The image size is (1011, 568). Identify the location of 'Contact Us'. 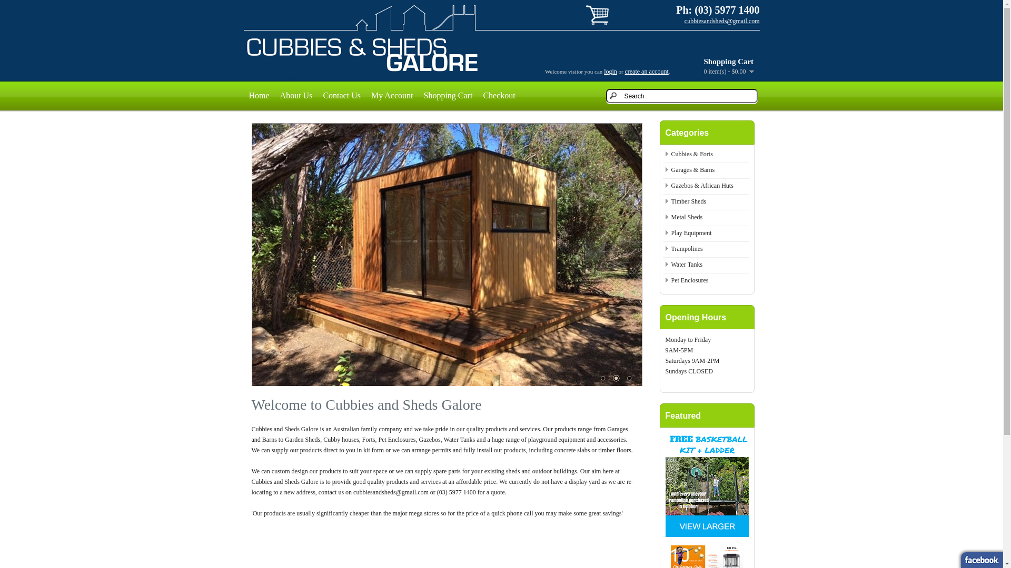
(341, 95).